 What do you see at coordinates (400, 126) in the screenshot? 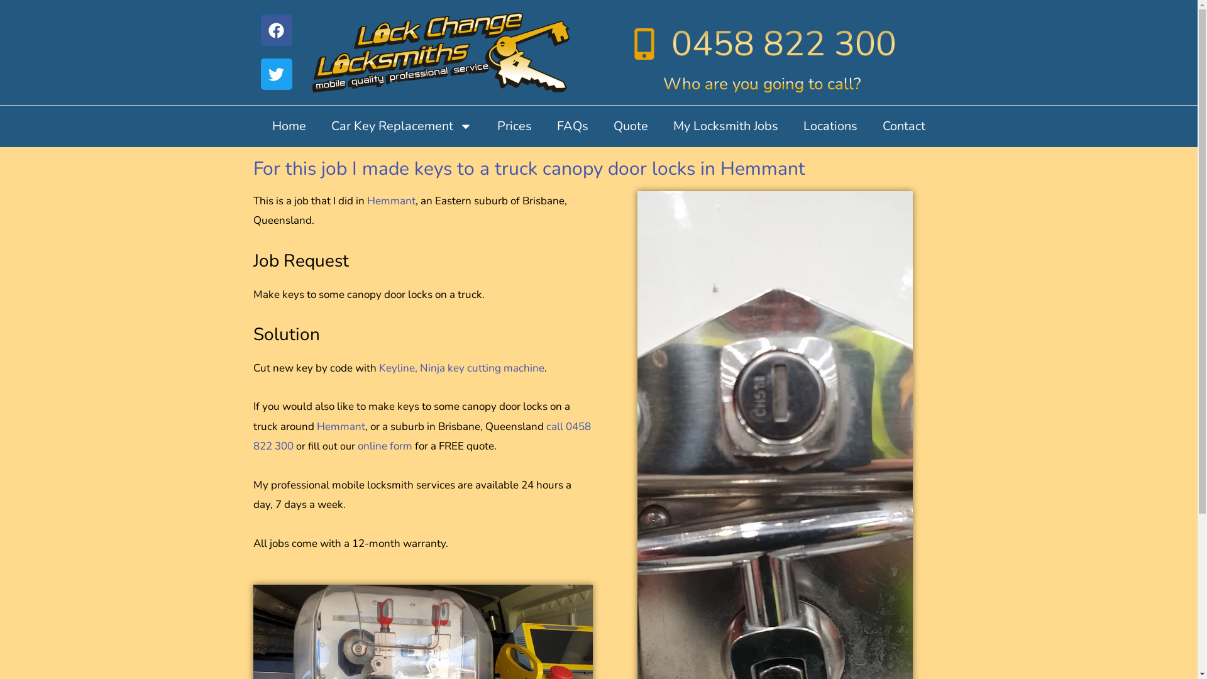
I see `'Car Key Replacement'` at bounding box center [400, 126].